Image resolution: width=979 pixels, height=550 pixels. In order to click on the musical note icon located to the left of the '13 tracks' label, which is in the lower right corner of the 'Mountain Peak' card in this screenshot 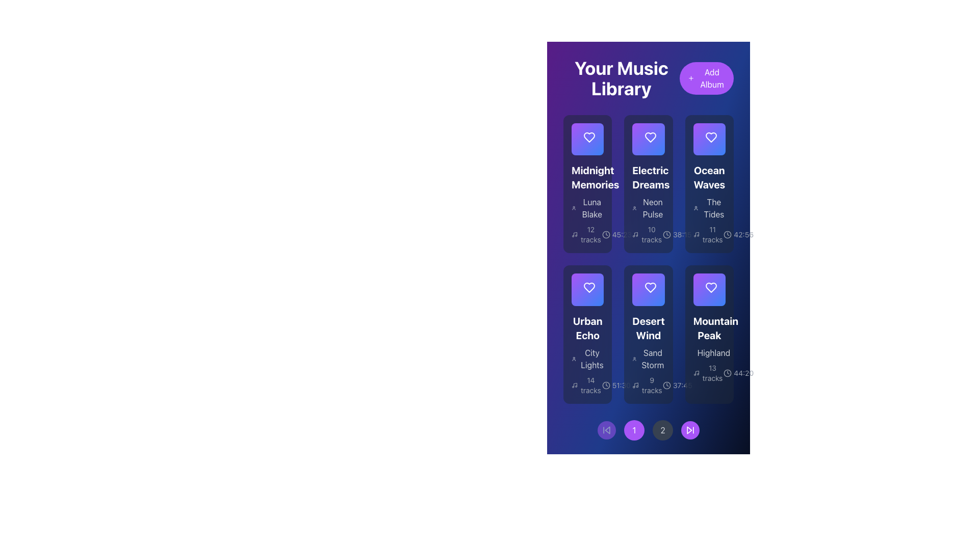, I will do `click(695, 373)`.